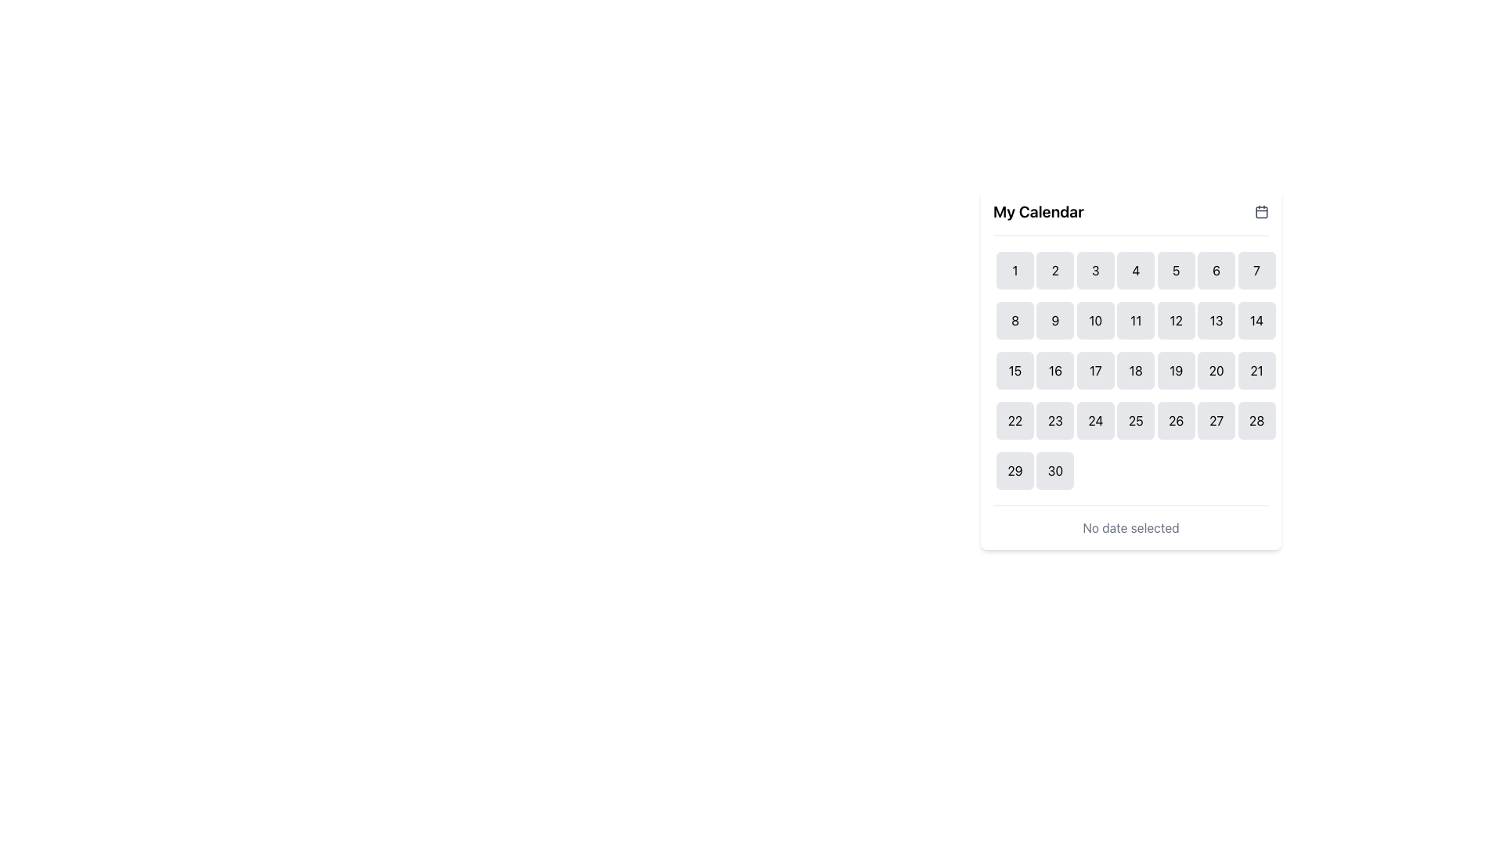 This screenshot has height=845, width=1503. I want to click on a date cell in the Date Grid of the 'My Calendar' widget, so click(1130, 371).